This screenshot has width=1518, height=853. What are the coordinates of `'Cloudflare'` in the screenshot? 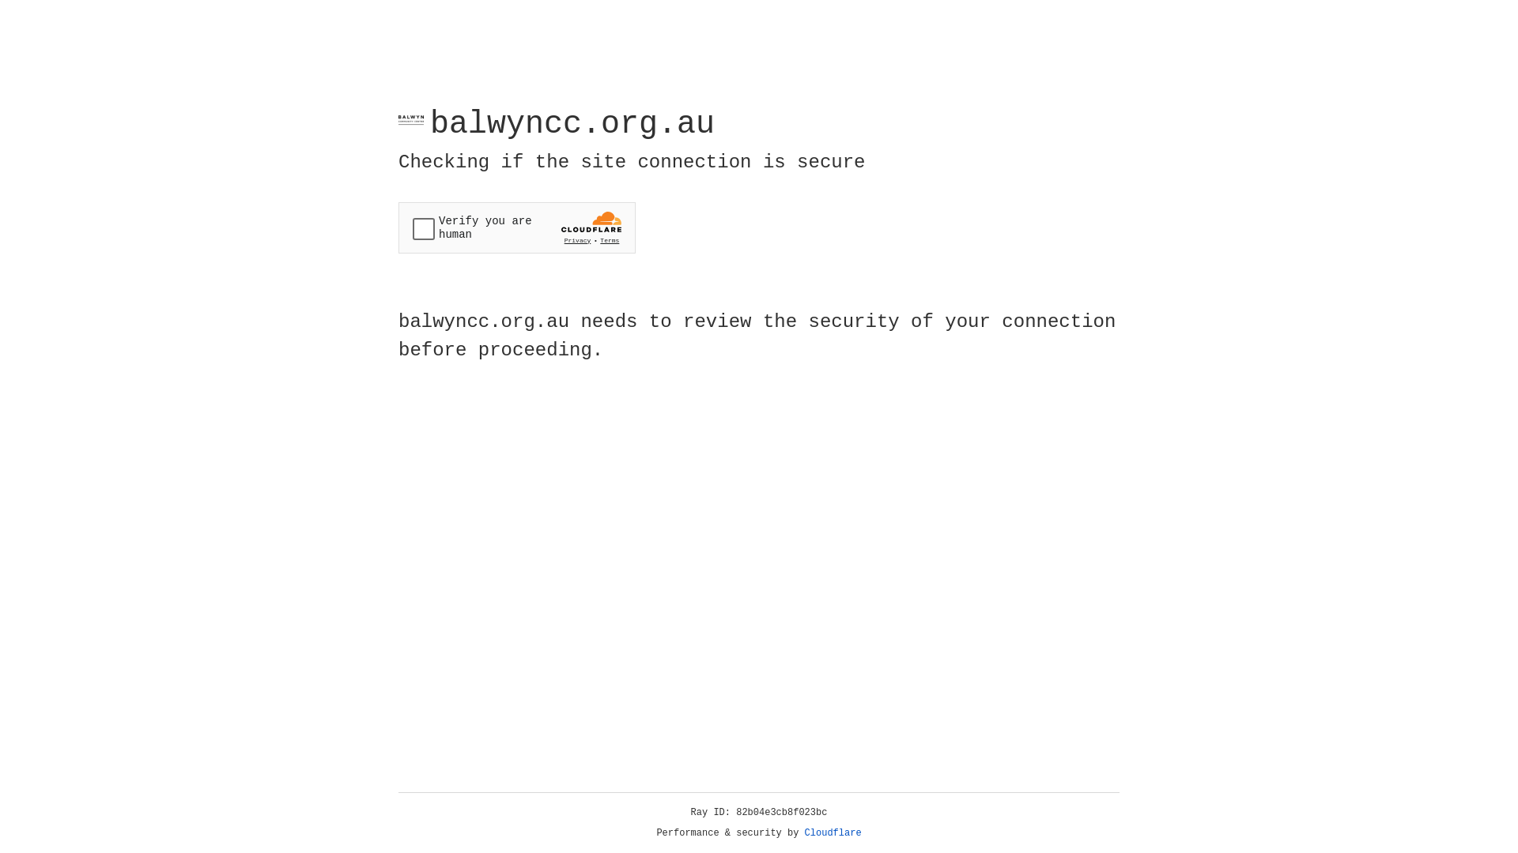 It's located at (804, 832).